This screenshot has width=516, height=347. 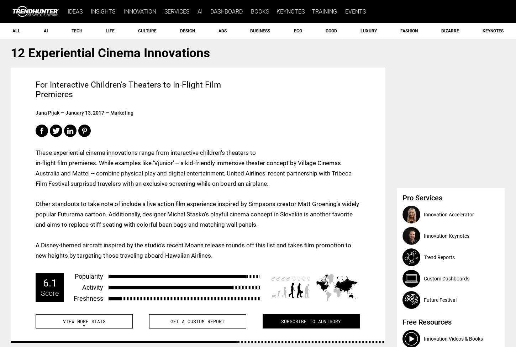 What do you see at coordinates (473, 11) in the screenshot?
I see `'Log in'` at bounding box center [473, 11].